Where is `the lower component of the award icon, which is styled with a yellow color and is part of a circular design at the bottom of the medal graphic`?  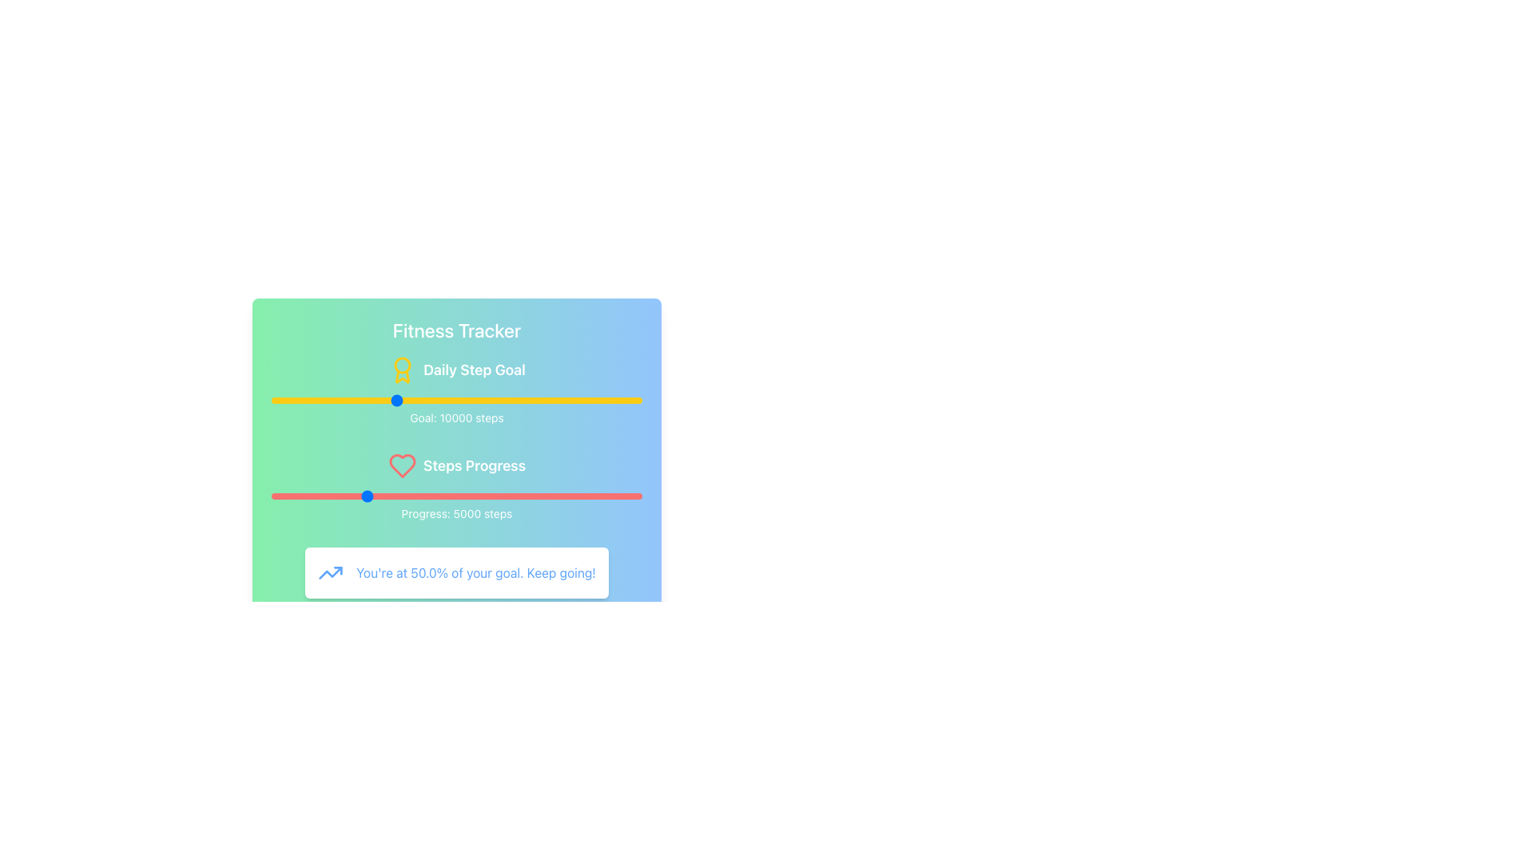
the lower component of the award icon, which is styled with a yellow color and is part of a circular design at the bottom of the medal graphic is located at coordinates (403, 377).